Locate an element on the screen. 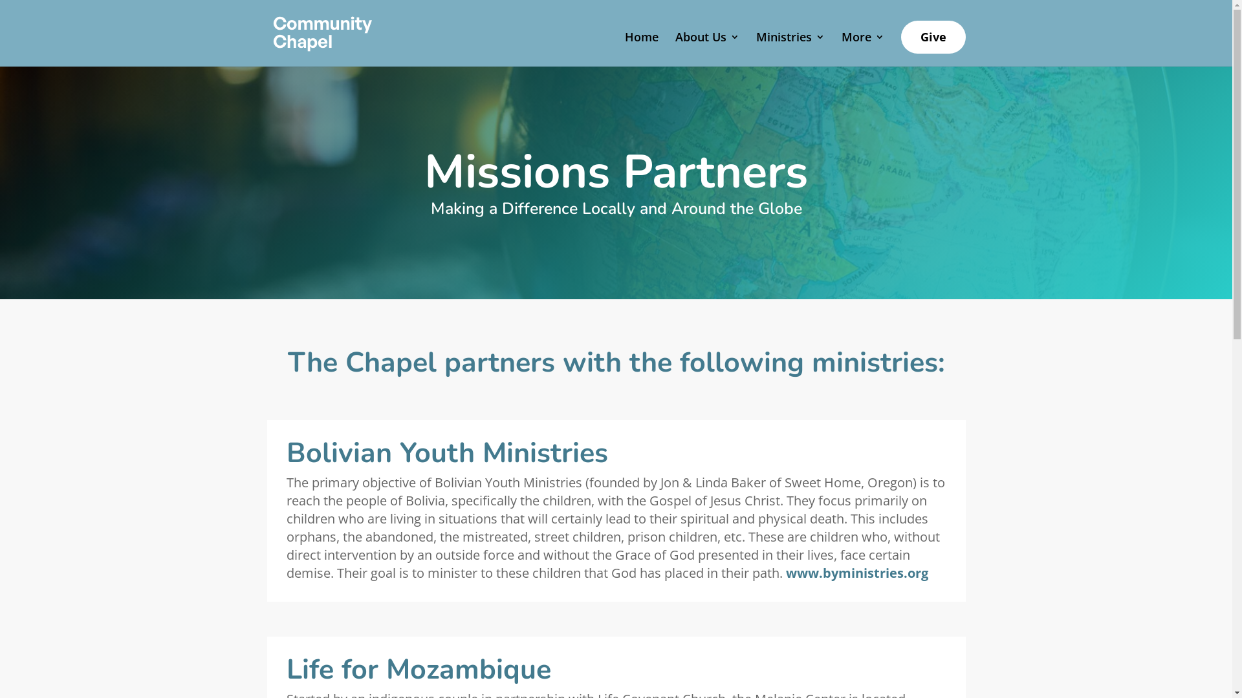 The width and height of the screenshot is (1242, 698). 'Give' is located at coordinates (932, 36).